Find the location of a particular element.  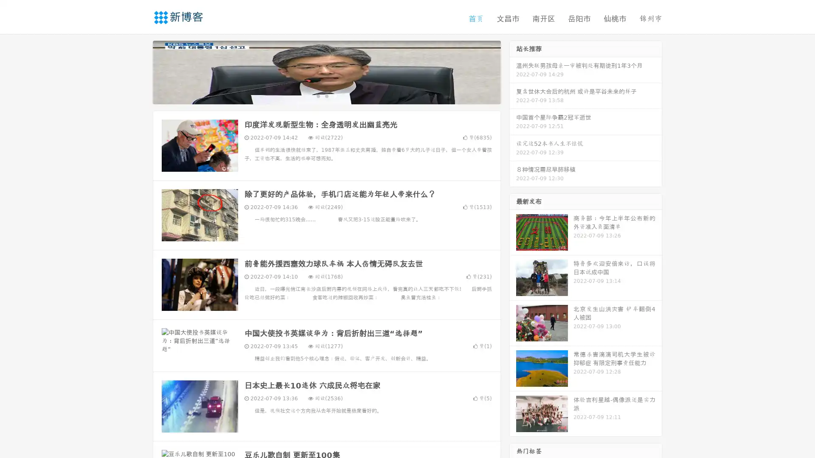

Go to slide 3 is located at coordinates (335, 95).